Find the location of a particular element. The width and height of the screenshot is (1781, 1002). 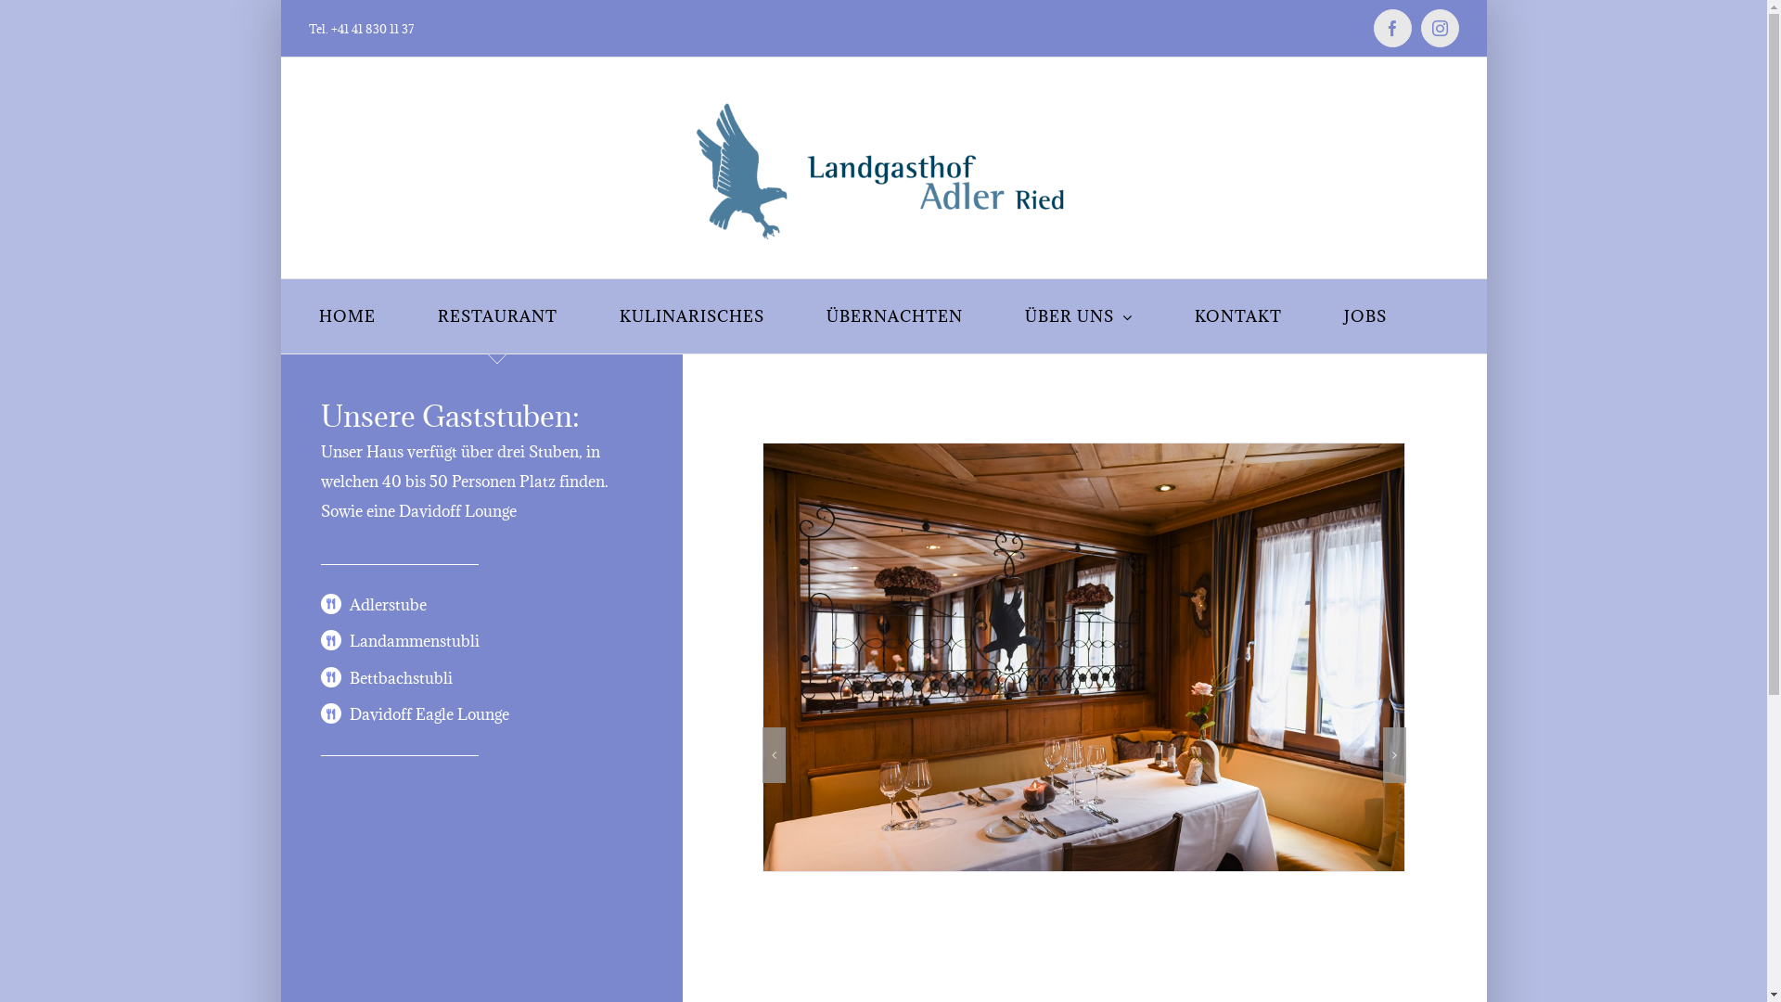

'Facebook' is located at coordinates (1372, 28).